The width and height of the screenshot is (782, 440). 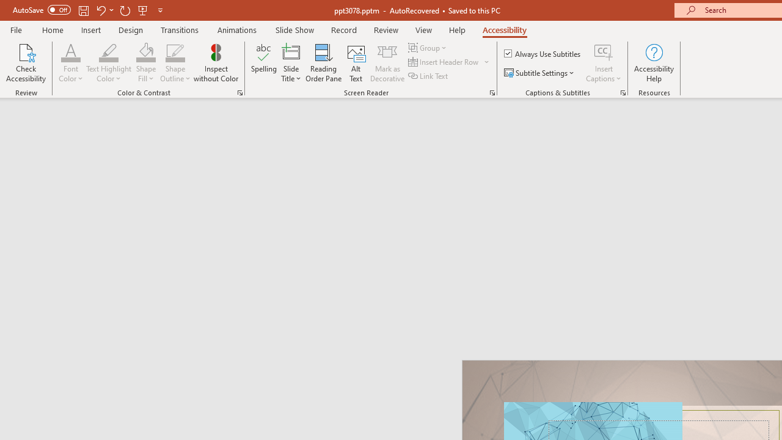 What do you see at coordinates (387, 63) in the screenshot?
I see `'Mark as Decorative'` at bounding box center [387, 63].